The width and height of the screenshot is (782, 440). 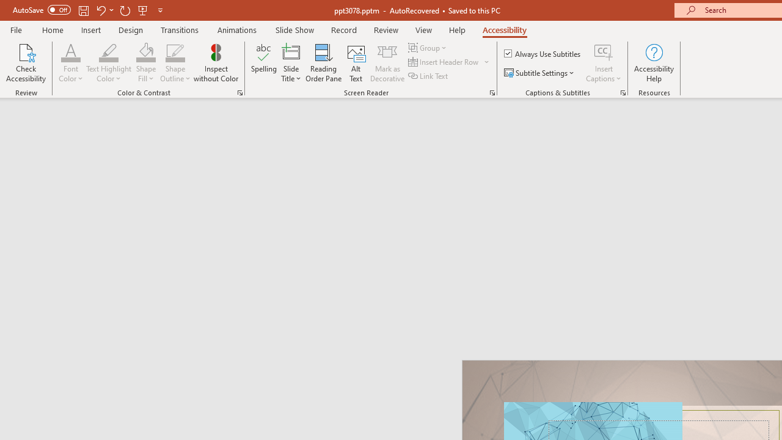 What do you see at coordinates (387, 63) in the screenshot?
I see `'Mark as Decorative'` at bounding box center [387, 63].